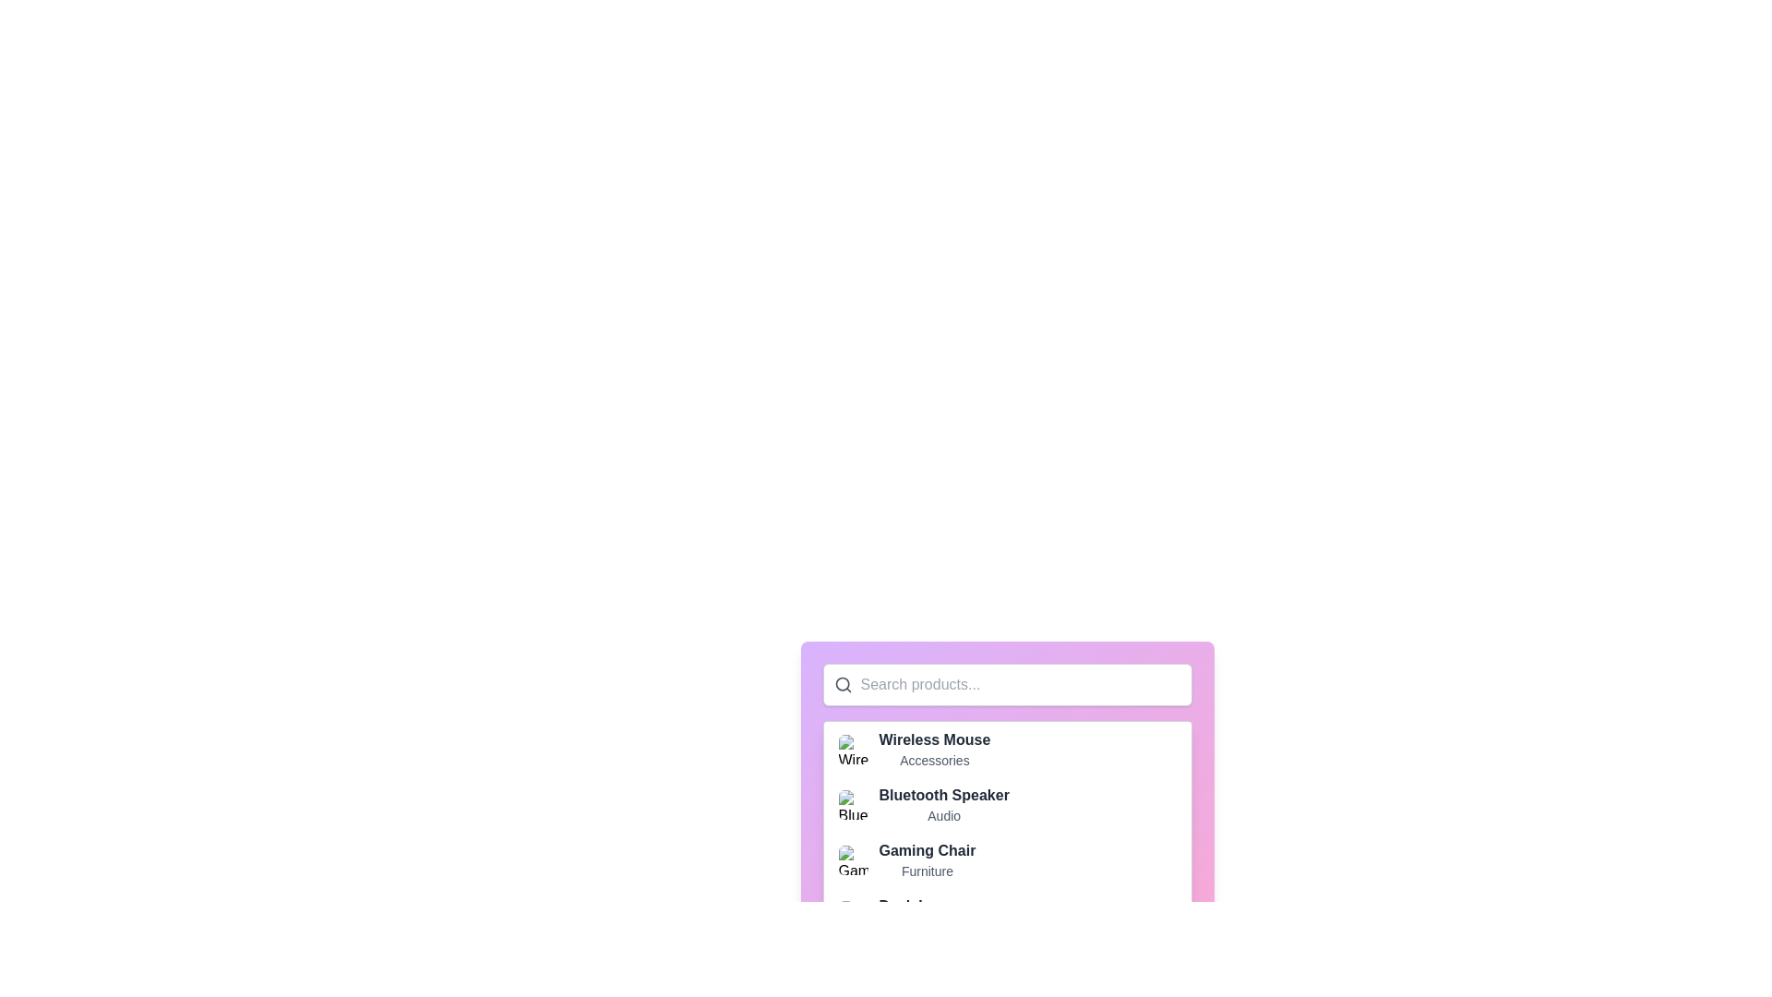 The height and width of the screenshot is (997, 1772). What do you see at coordinates (1006, 860) in the screenshot?
I see `the 'Gaming Chair' selectable dropdown list item` at bounding box center [1006, 860].